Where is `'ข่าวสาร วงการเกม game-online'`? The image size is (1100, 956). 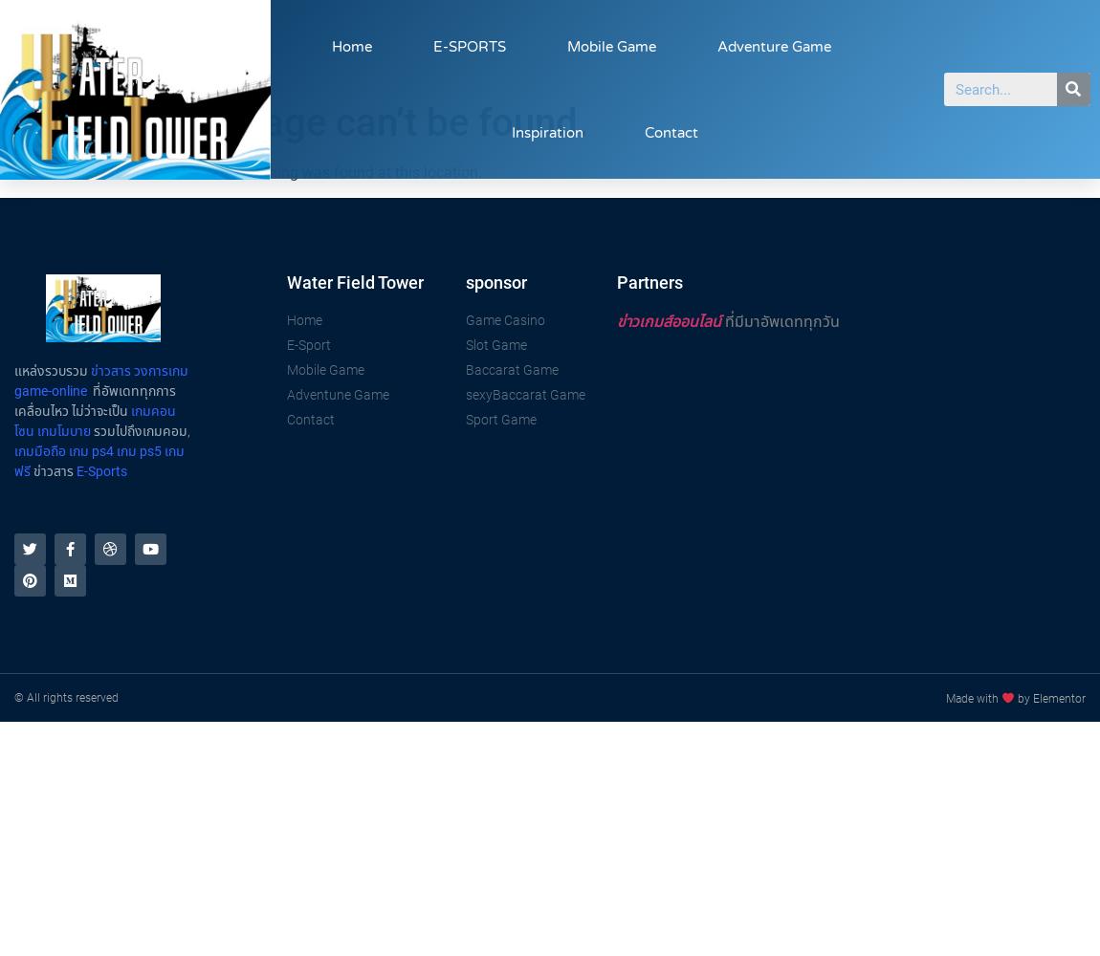
'ข่าวสาร วงการเกม game-online' is located at coordinates (100, 380).